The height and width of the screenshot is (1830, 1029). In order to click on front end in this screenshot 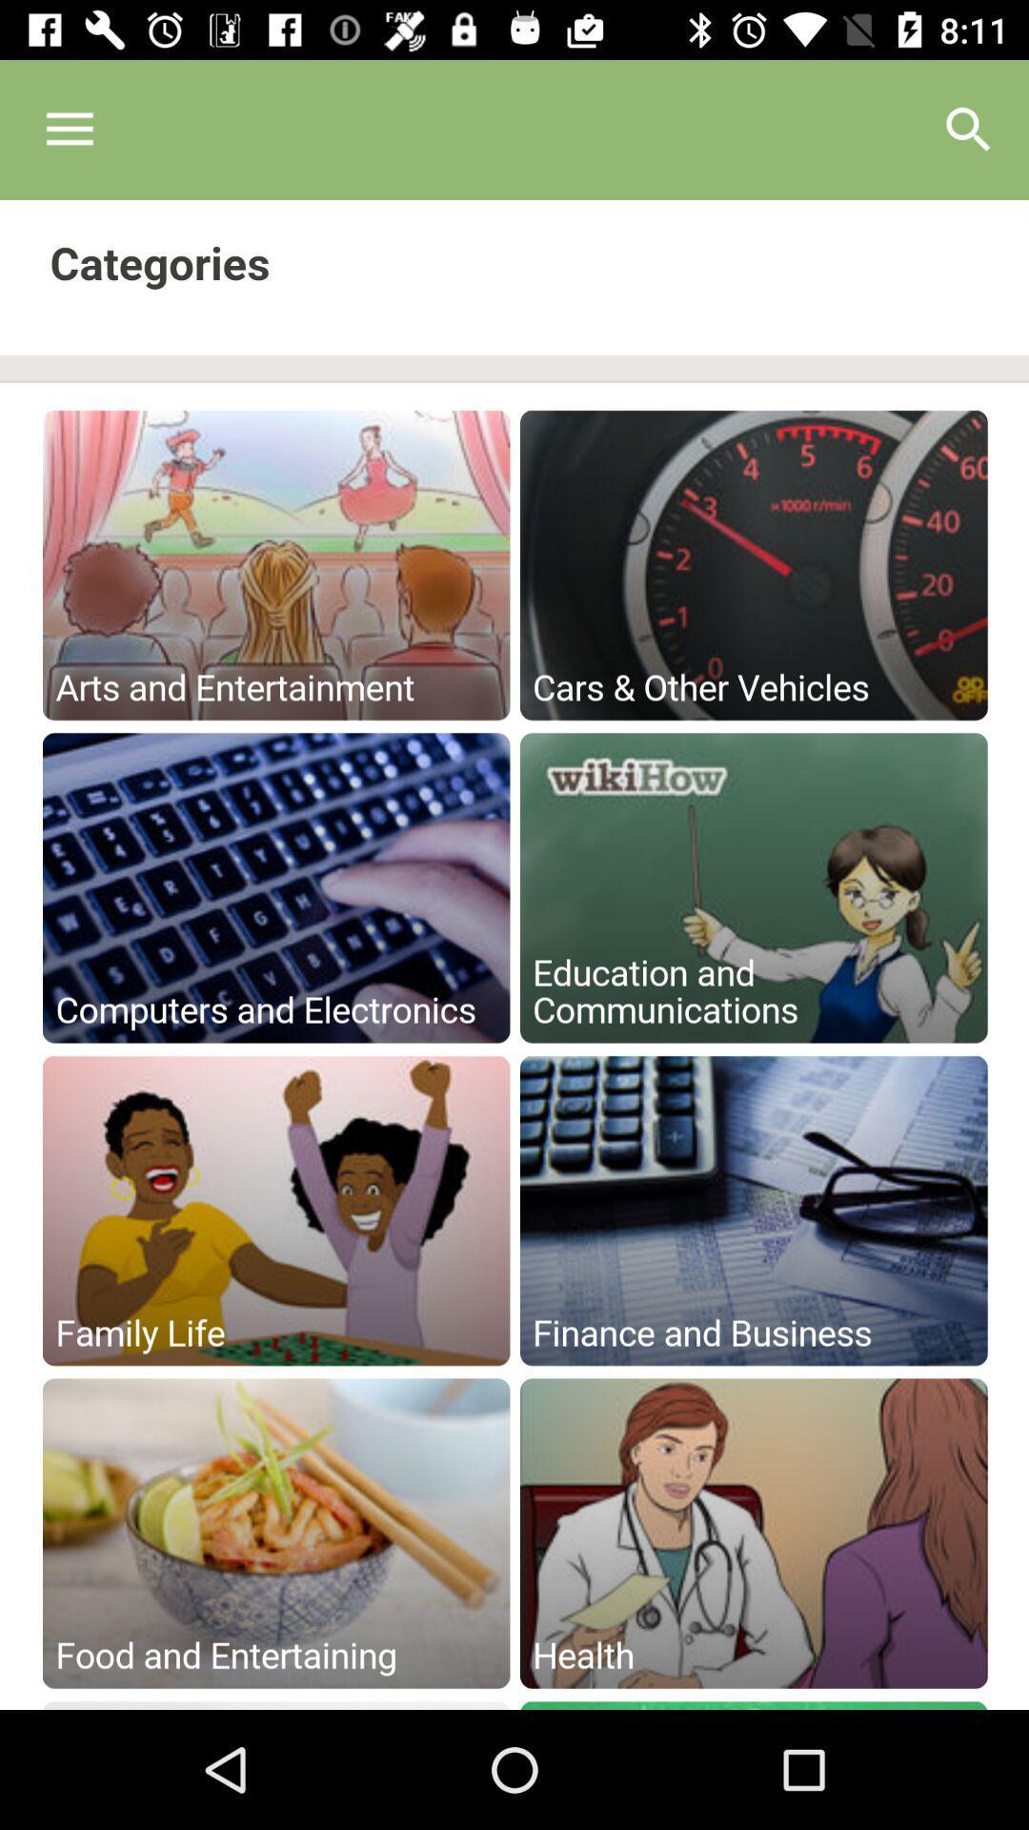, I will do `click(514, 955)`.